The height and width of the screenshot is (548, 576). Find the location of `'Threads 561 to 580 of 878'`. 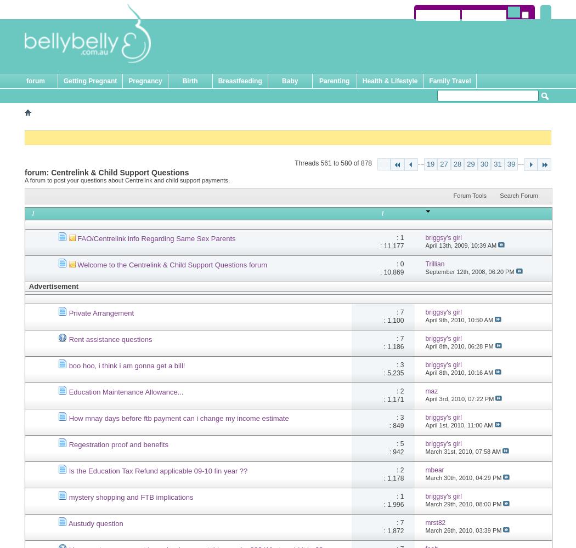

'Threads 561 to 580 of 878' is located at coordinates (294, 163).